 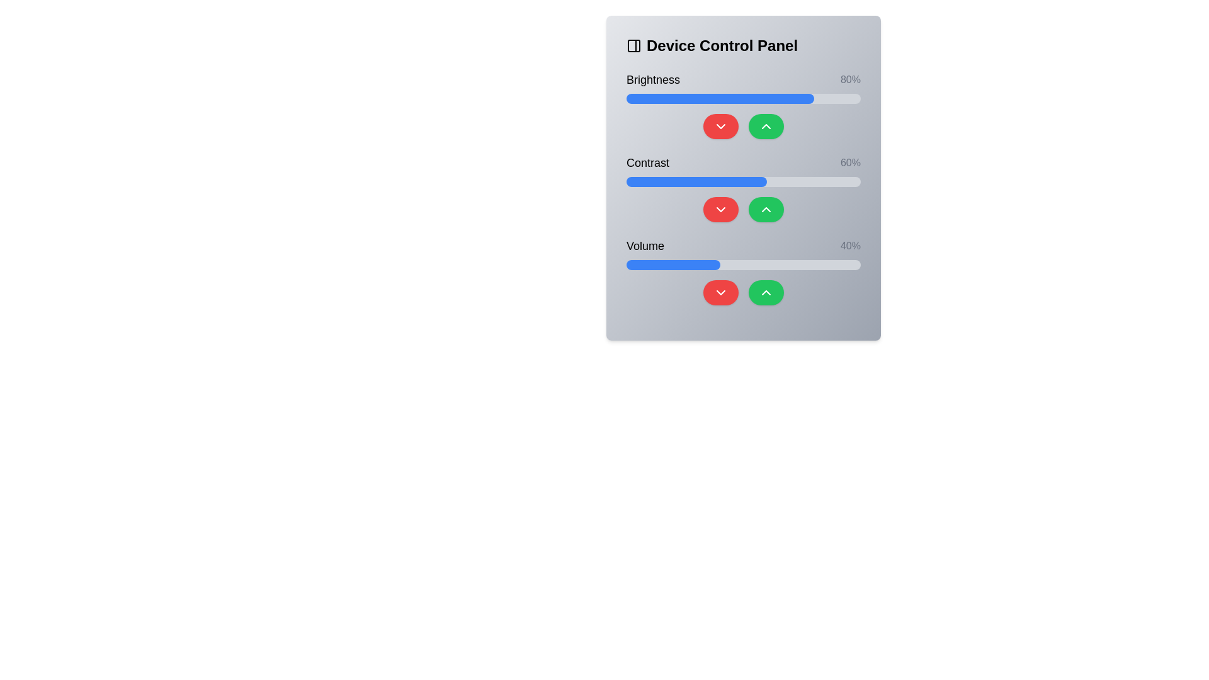 I want to click on the SVG rectangle decorative icon component located near the top-left corner of the interface, adjacent to the title 'Device Control Panel.', so click(x=634, y=45).